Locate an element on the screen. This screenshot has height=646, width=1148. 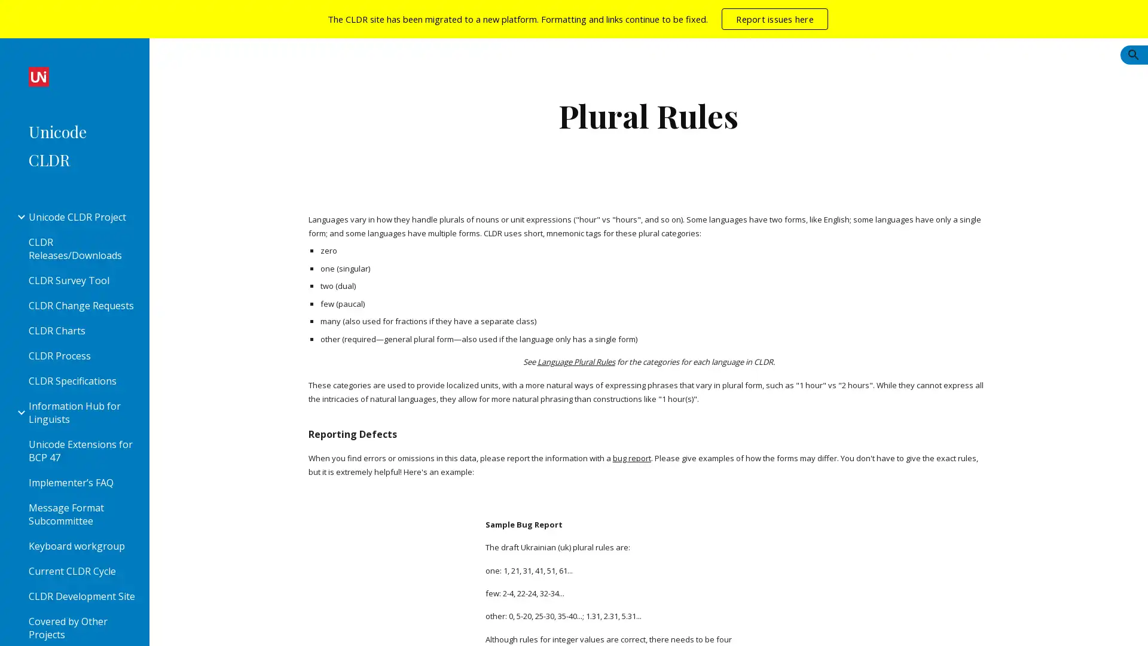
Report abuse is located at coordinates (243, 624).